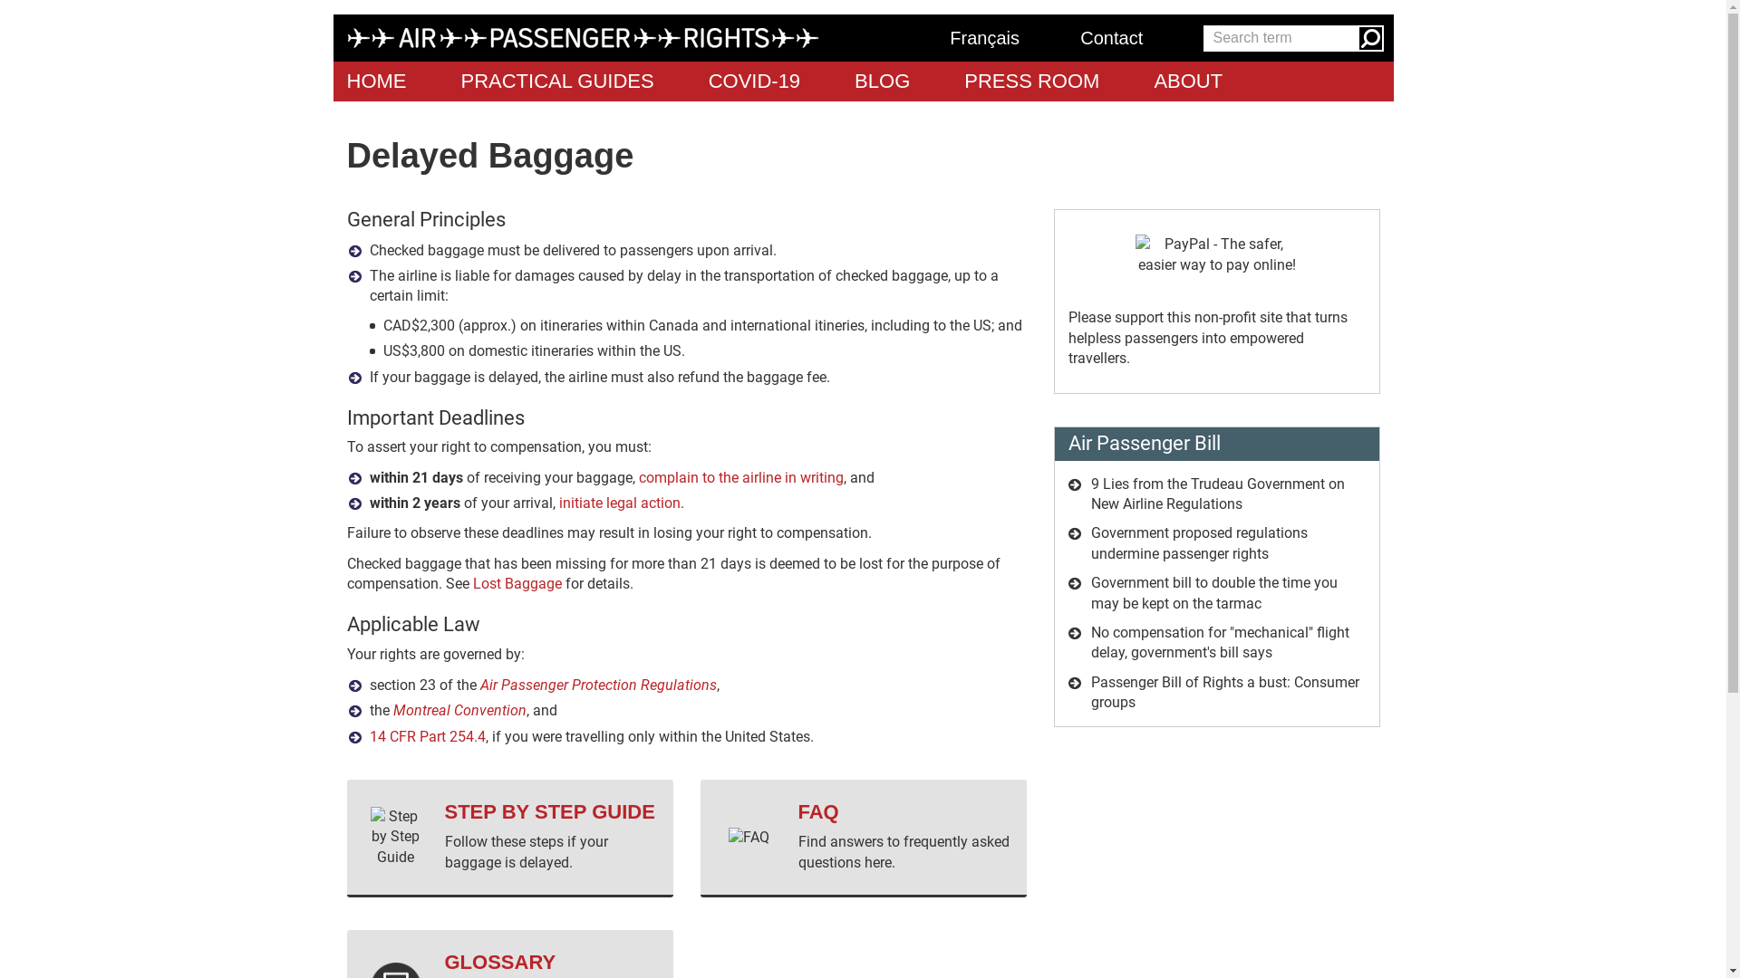  What do you see at coordinates (861, 838) in the screenshot?
I see `'FAQ` at bounding box center [861, 838].